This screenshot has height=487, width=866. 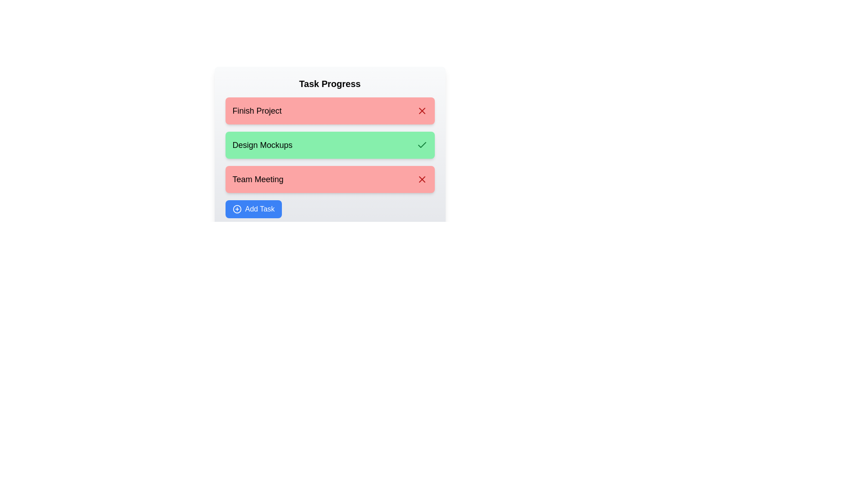 What do you see at coordinates (253, 209) in the screenshot?
I see `the 'Add Task' button to add a new task` at bounding box center [253, 209].